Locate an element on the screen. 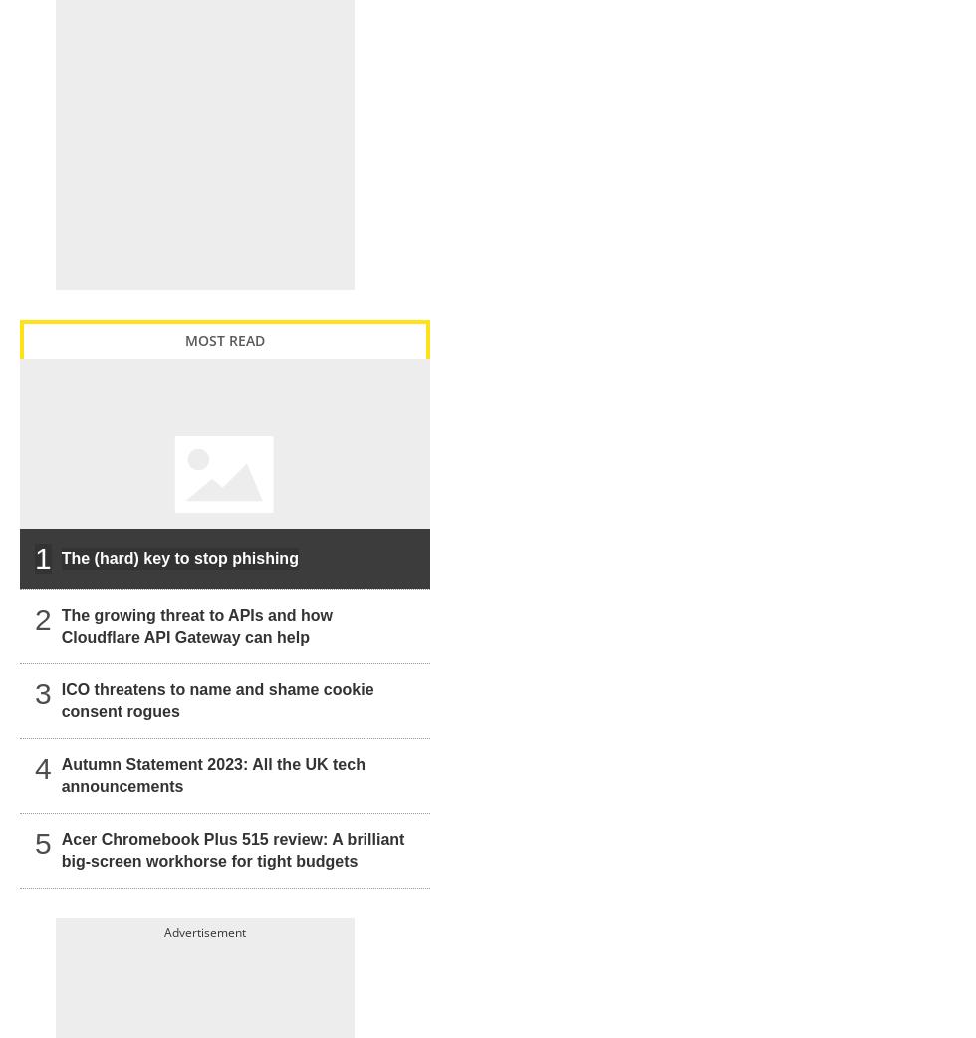 The width and height of the screenshot is (976, 1038). 'Autumn Statement 2023: All the UK tech announcements' is located at coordinates (60, 774).